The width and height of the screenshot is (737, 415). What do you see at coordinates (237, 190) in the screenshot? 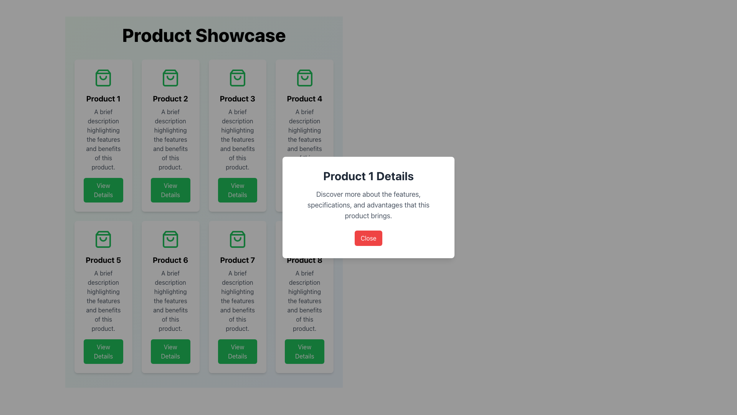
I see `the rectangular button with a green background and white text reading 'View Details' located at the bottom of the card labeled 'Product 3,' which is in the first row and third column of the grid layout` at bounding box center [237, 190].